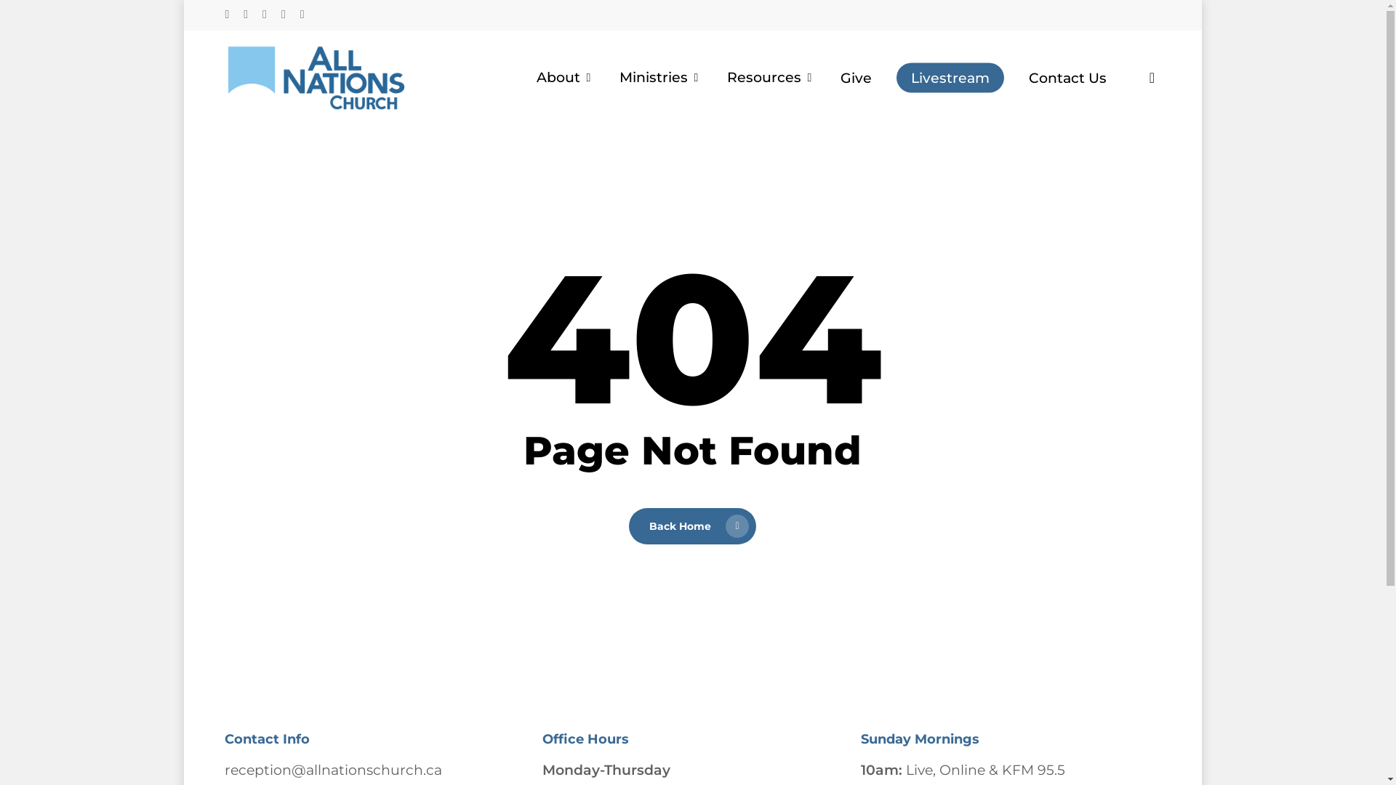 This screenshot has width=1396, height=785. What do you see at coordinates (265, 15) in the screenshot?
I see `'instagram'` at bounding box center [265, 15].